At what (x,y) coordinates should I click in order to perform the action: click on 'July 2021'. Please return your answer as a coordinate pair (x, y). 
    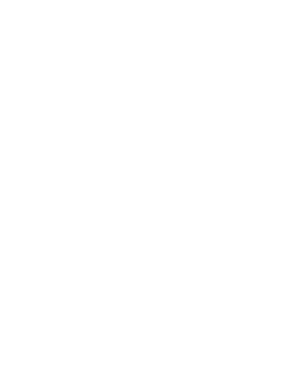
    Looking at the image, I should click on (43, 314).